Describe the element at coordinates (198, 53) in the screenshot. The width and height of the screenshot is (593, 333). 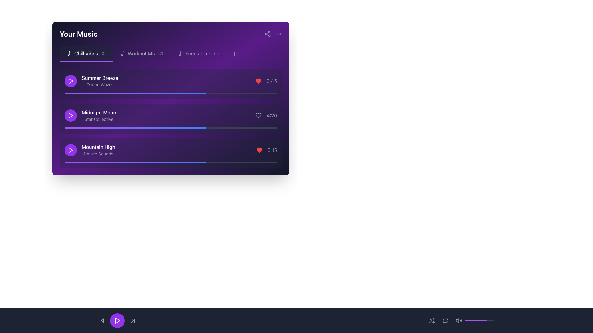
I see `the 'Focus Time' tab, which is the third tab in the horizontal list of selectable tabs located at the top-right of the main interface` at that location.